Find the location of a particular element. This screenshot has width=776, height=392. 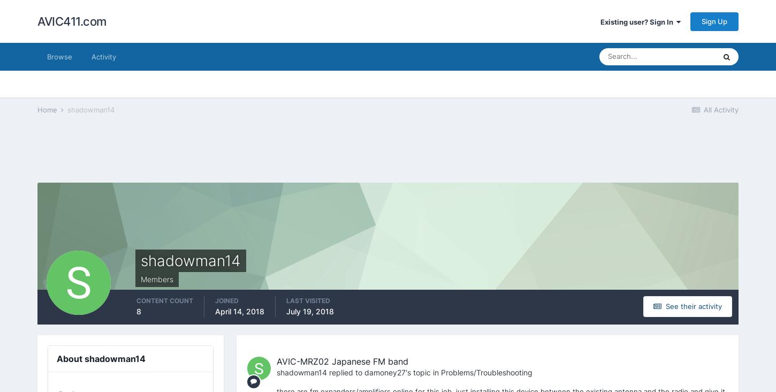

'April 14, 2018' is located at coordinates (239, 311).